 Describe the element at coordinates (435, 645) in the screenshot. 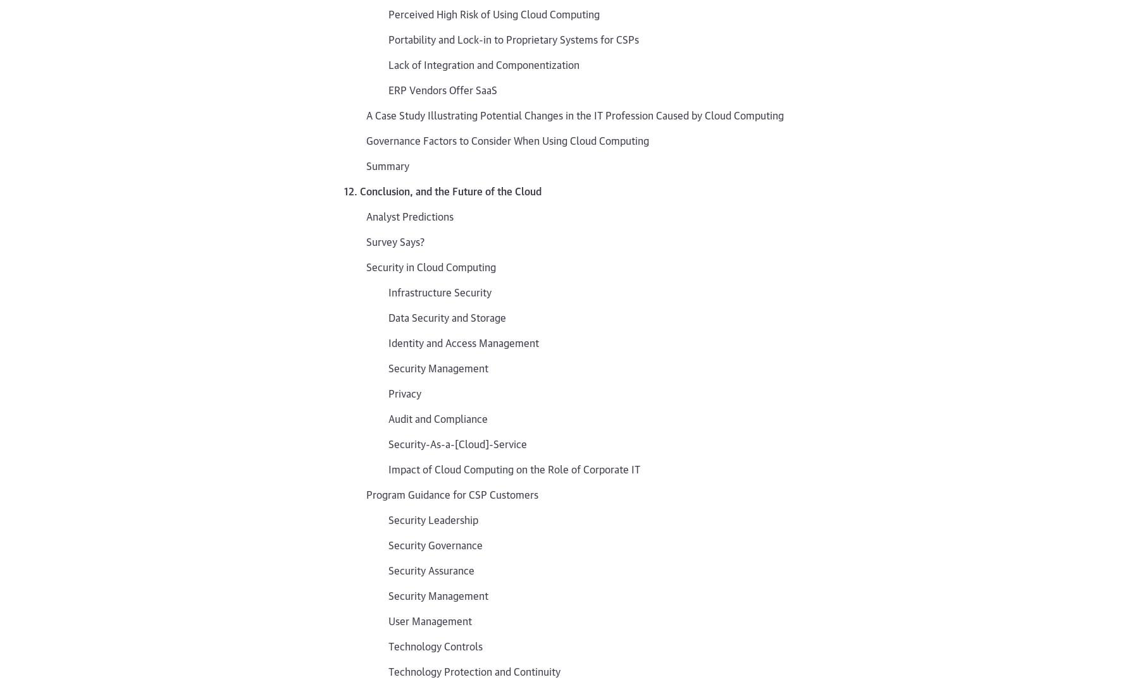

I see `'Technology Controls'` at that location.